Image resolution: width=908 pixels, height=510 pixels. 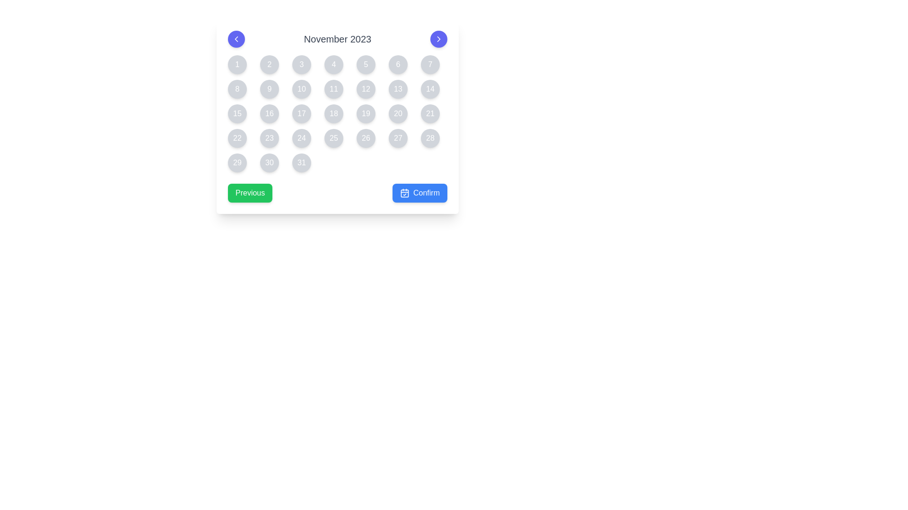 I want to click on the button that navigates to the previous month in the calendar interface, located adjacent to the 'November 2023' text element, so click(x=236, y=39).